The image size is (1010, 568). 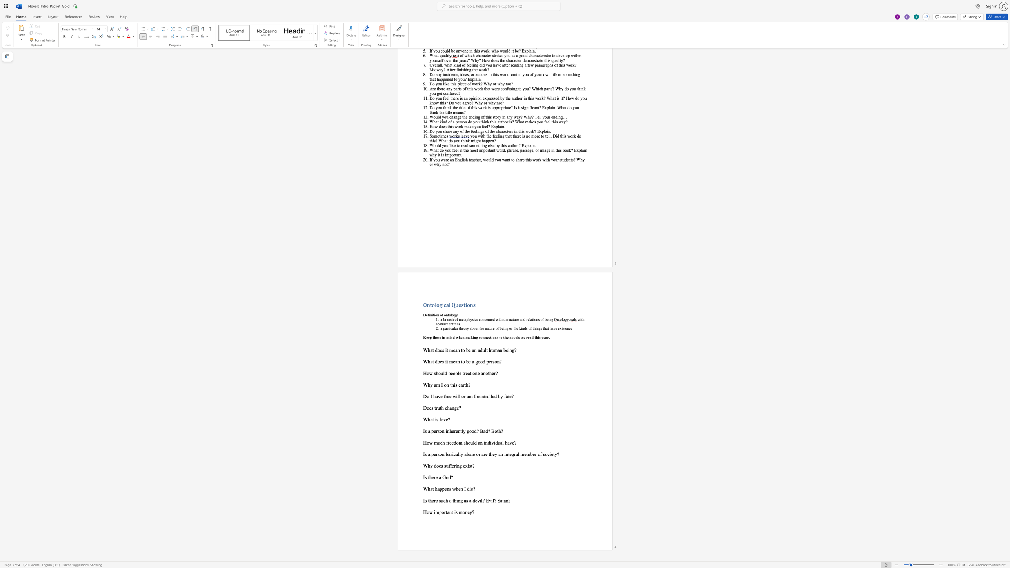 What do you see at coordinates (451, 443) in the screenshot?
I see `the space between the continuous character "e" and "e" in the text` at bounding box center [451, 443].